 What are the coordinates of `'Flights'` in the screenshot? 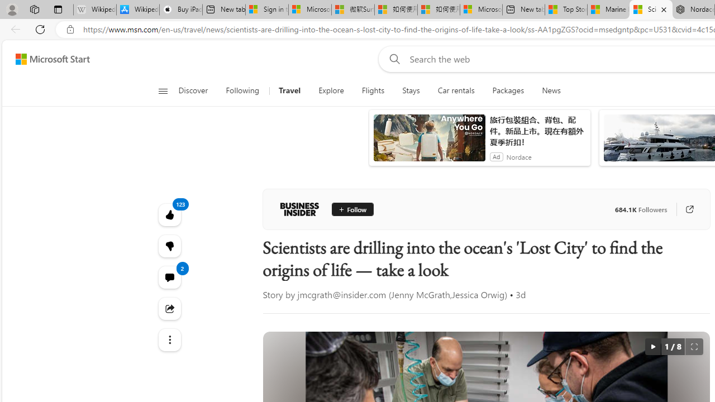 It's located at (373, 90).